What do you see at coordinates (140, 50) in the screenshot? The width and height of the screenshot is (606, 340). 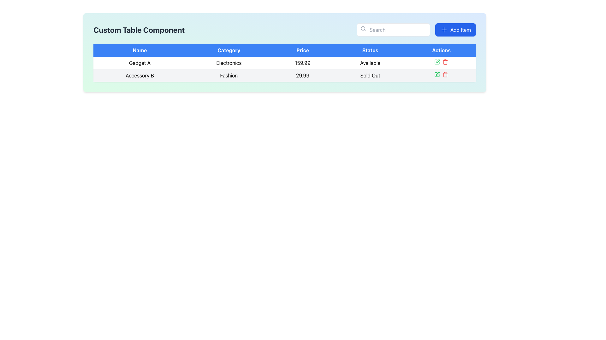 I see `text content of the Table Header labeled 'Name', which is displayed in white on a blue background and is the first column header in the table layout` at bounding box center [140, 50].